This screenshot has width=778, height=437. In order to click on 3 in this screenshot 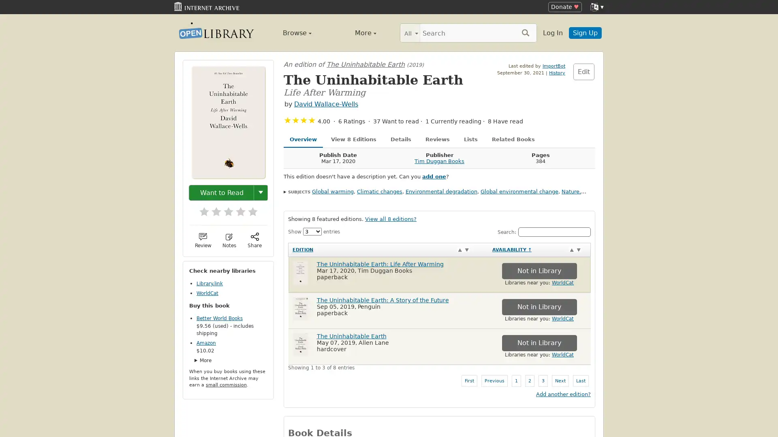, I will do `click(224, 208)`.